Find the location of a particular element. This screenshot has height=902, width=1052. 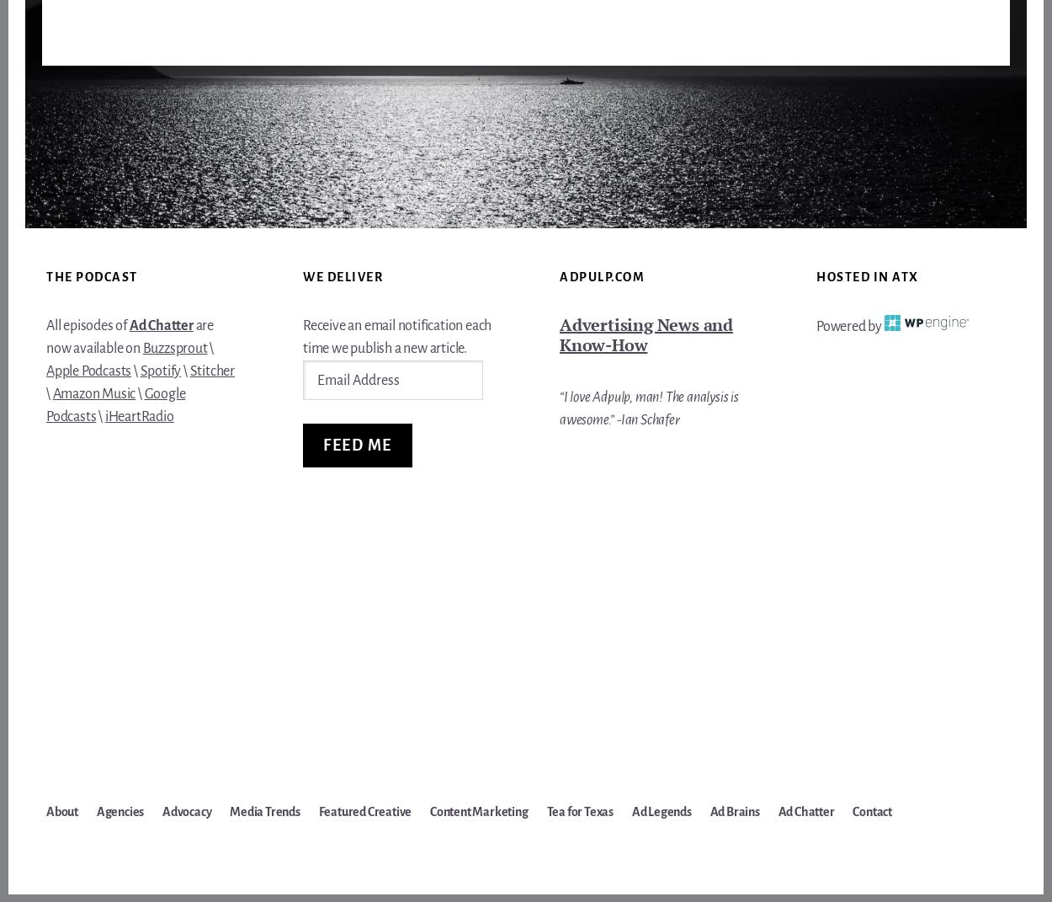

'Featured Creative' is located at coordinates (364, 811).